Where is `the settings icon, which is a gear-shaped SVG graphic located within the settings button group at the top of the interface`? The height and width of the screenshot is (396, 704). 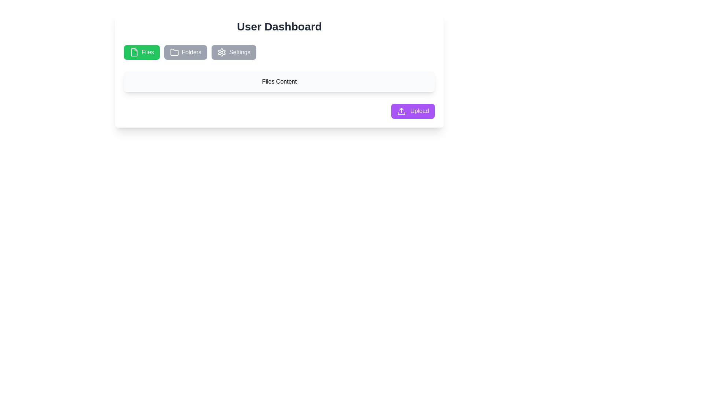
the settings icon, which is a gear-shaped SVG graphic located within the settings button group at the top of the interface is located at coordinates (221, 52).